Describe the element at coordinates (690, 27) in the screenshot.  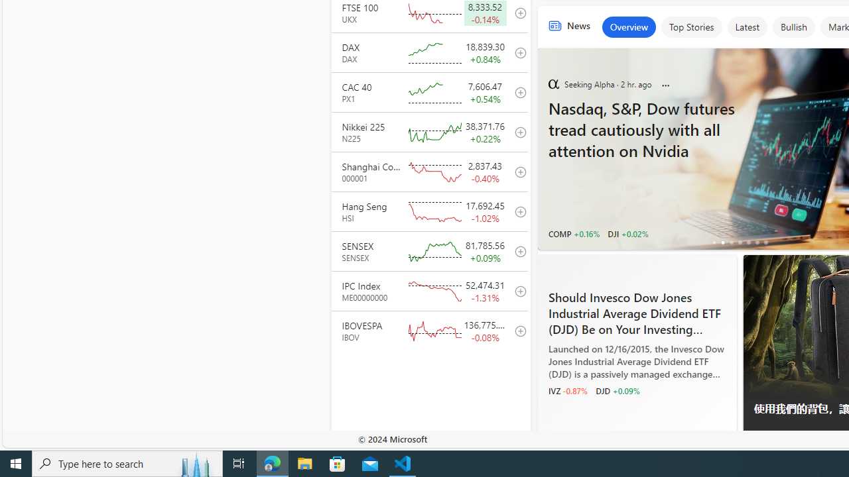
I see `'Top Stories'` at that location.